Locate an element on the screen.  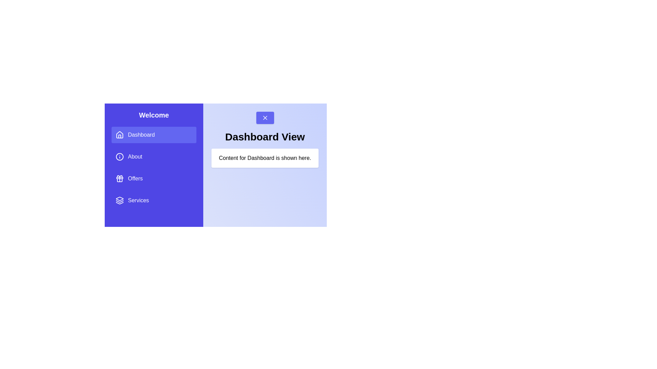
the menu item Services to observe the hover effect is located at coordinates (154, 200).